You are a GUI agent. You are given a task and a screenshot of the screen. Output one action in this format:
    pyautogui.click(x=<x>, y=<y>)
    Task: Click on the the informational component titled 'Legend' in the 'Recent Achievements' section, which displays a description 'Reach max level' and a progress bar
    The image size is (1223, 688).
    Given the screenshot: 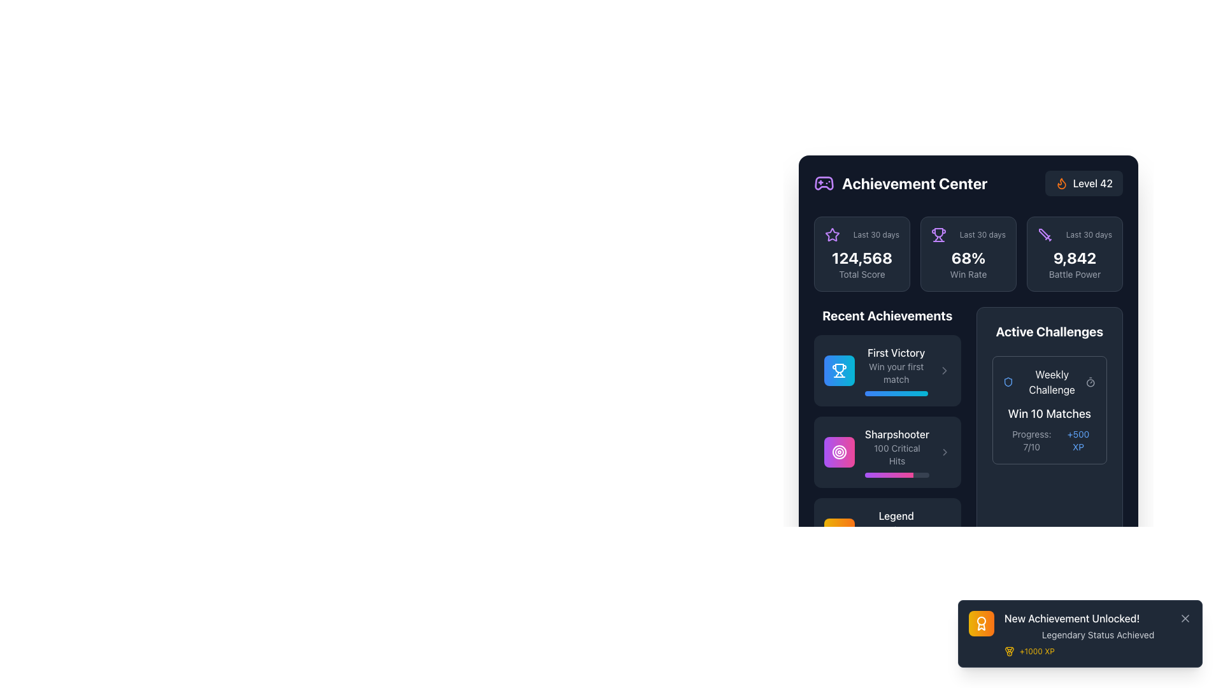 What is the action you would take?
    pyautogui.click(x=896, y=533)
    